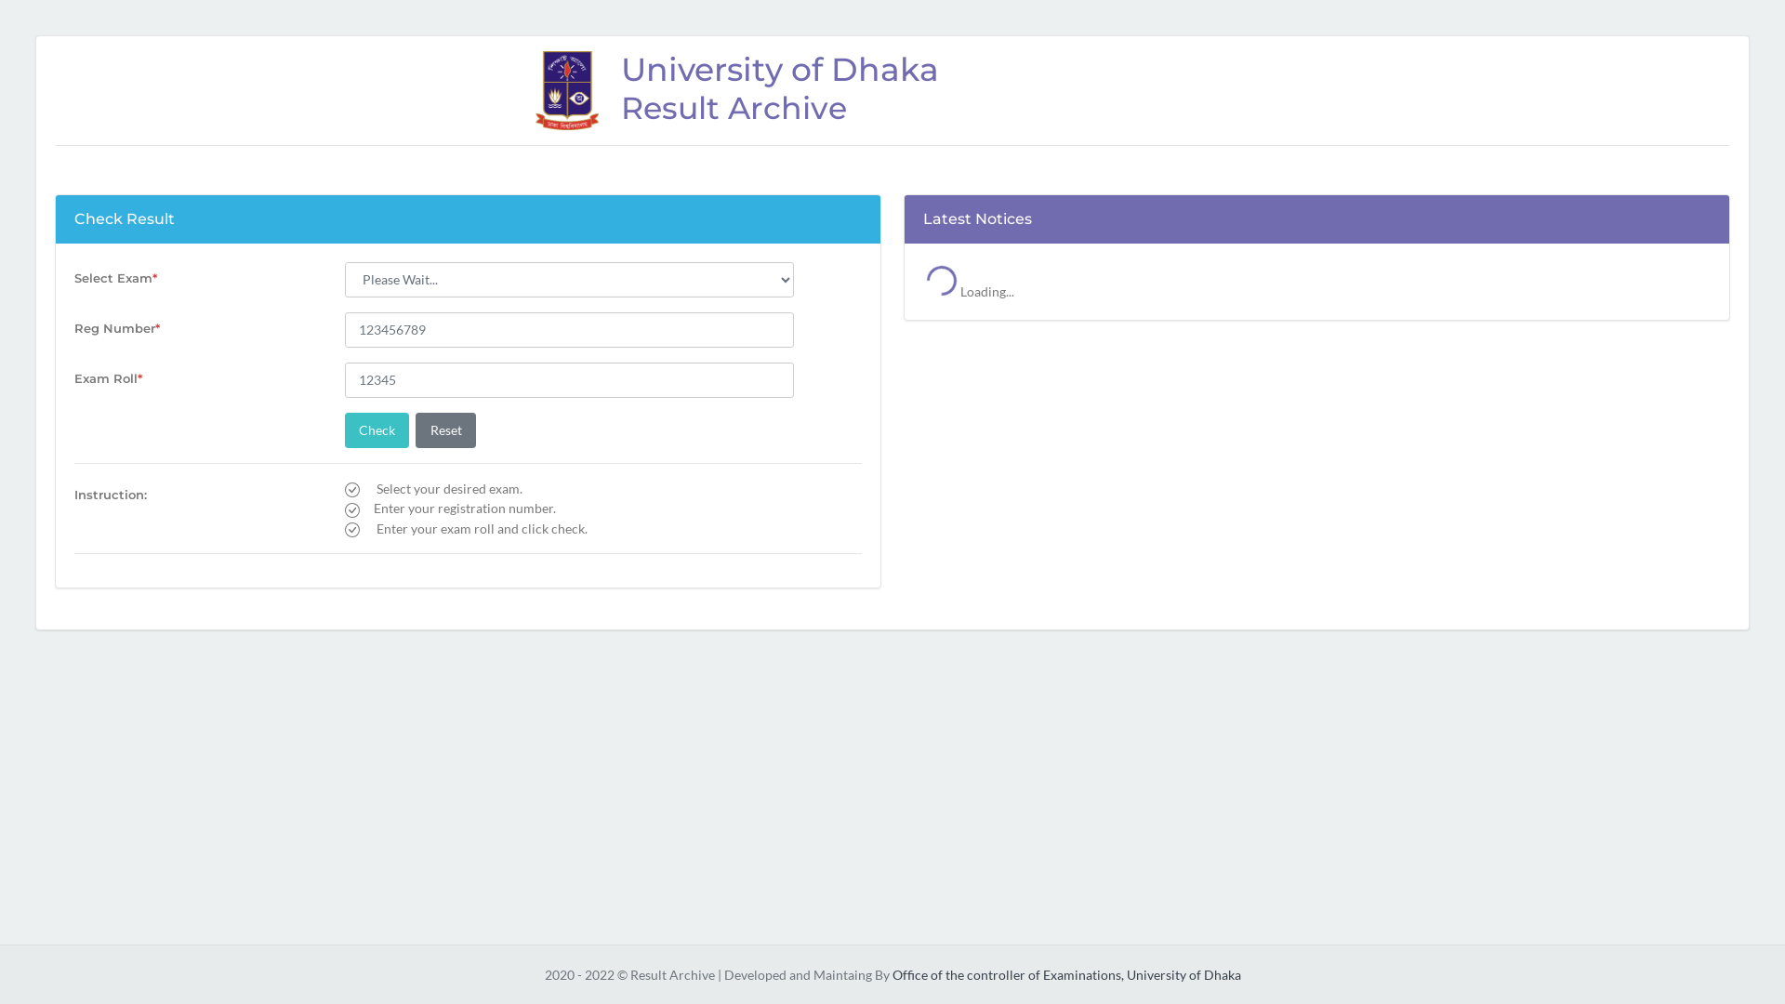 This screenshot has width=1785, height=1004. What do you see at coordinates (444, 429) in the screenshot?
I see `'Reset'` at bounding box center [444, 429].